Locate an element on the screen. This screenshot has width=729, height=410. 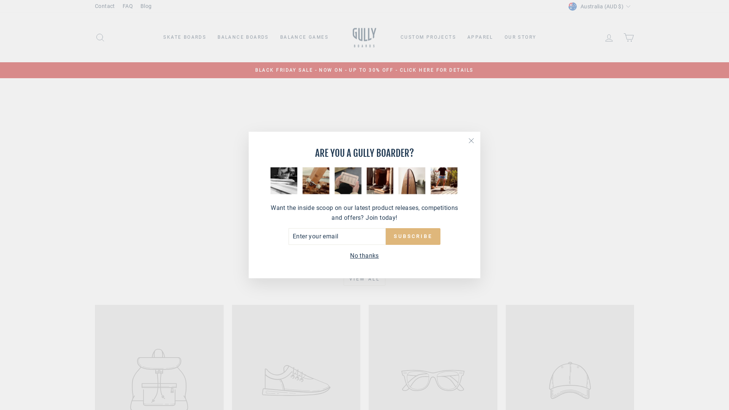
'Australia (AUD $)' is located at coordinates (600, 6).